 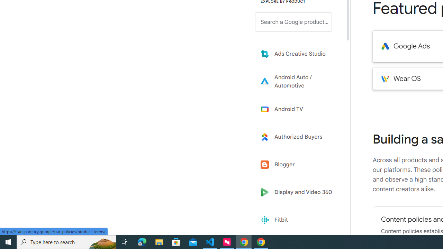 What do you see at coordinates (293, 22) in the screenshot?
I see `'Search a Google product from below list.'` at bounding box center [293, 22].